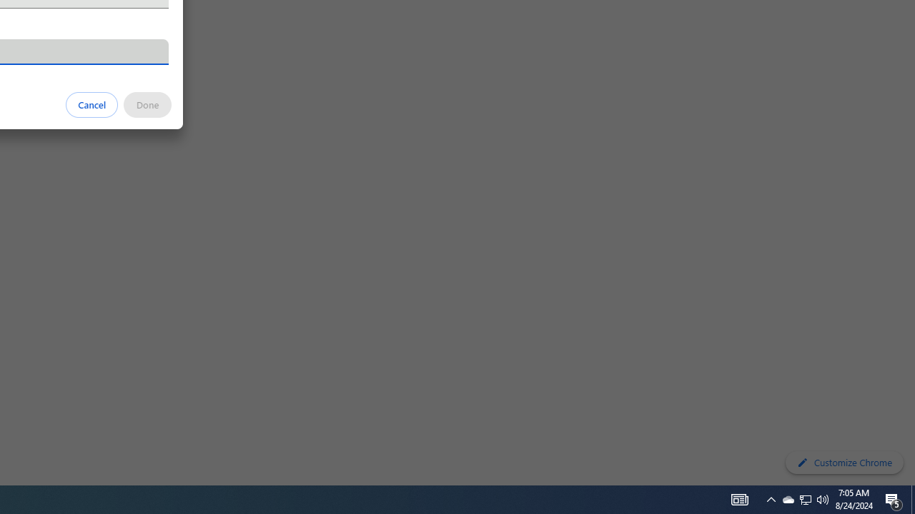 The image size is (915, 514). What do you see at coordinates (91, 104) in the screenshot?
I see `'Cancel'` at bounding box center [91, 104].